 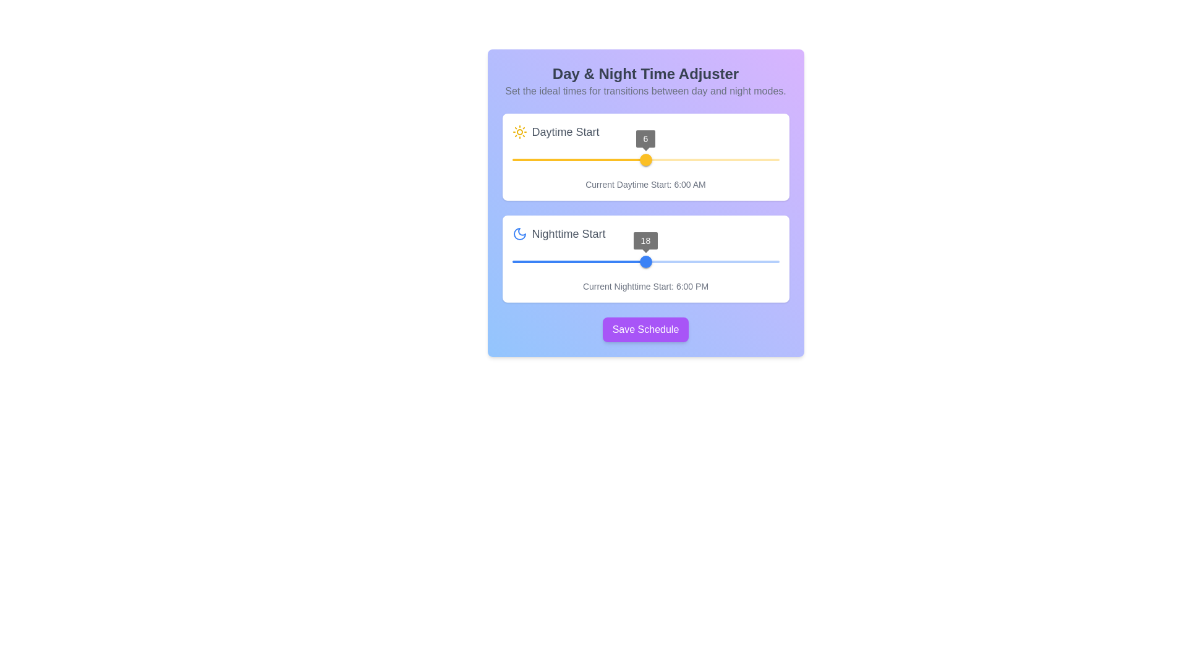 What do you see at coordinates (645, 159) in the screenshot?
I see `the Daytime Start slider` at bounding box center [645, 159].